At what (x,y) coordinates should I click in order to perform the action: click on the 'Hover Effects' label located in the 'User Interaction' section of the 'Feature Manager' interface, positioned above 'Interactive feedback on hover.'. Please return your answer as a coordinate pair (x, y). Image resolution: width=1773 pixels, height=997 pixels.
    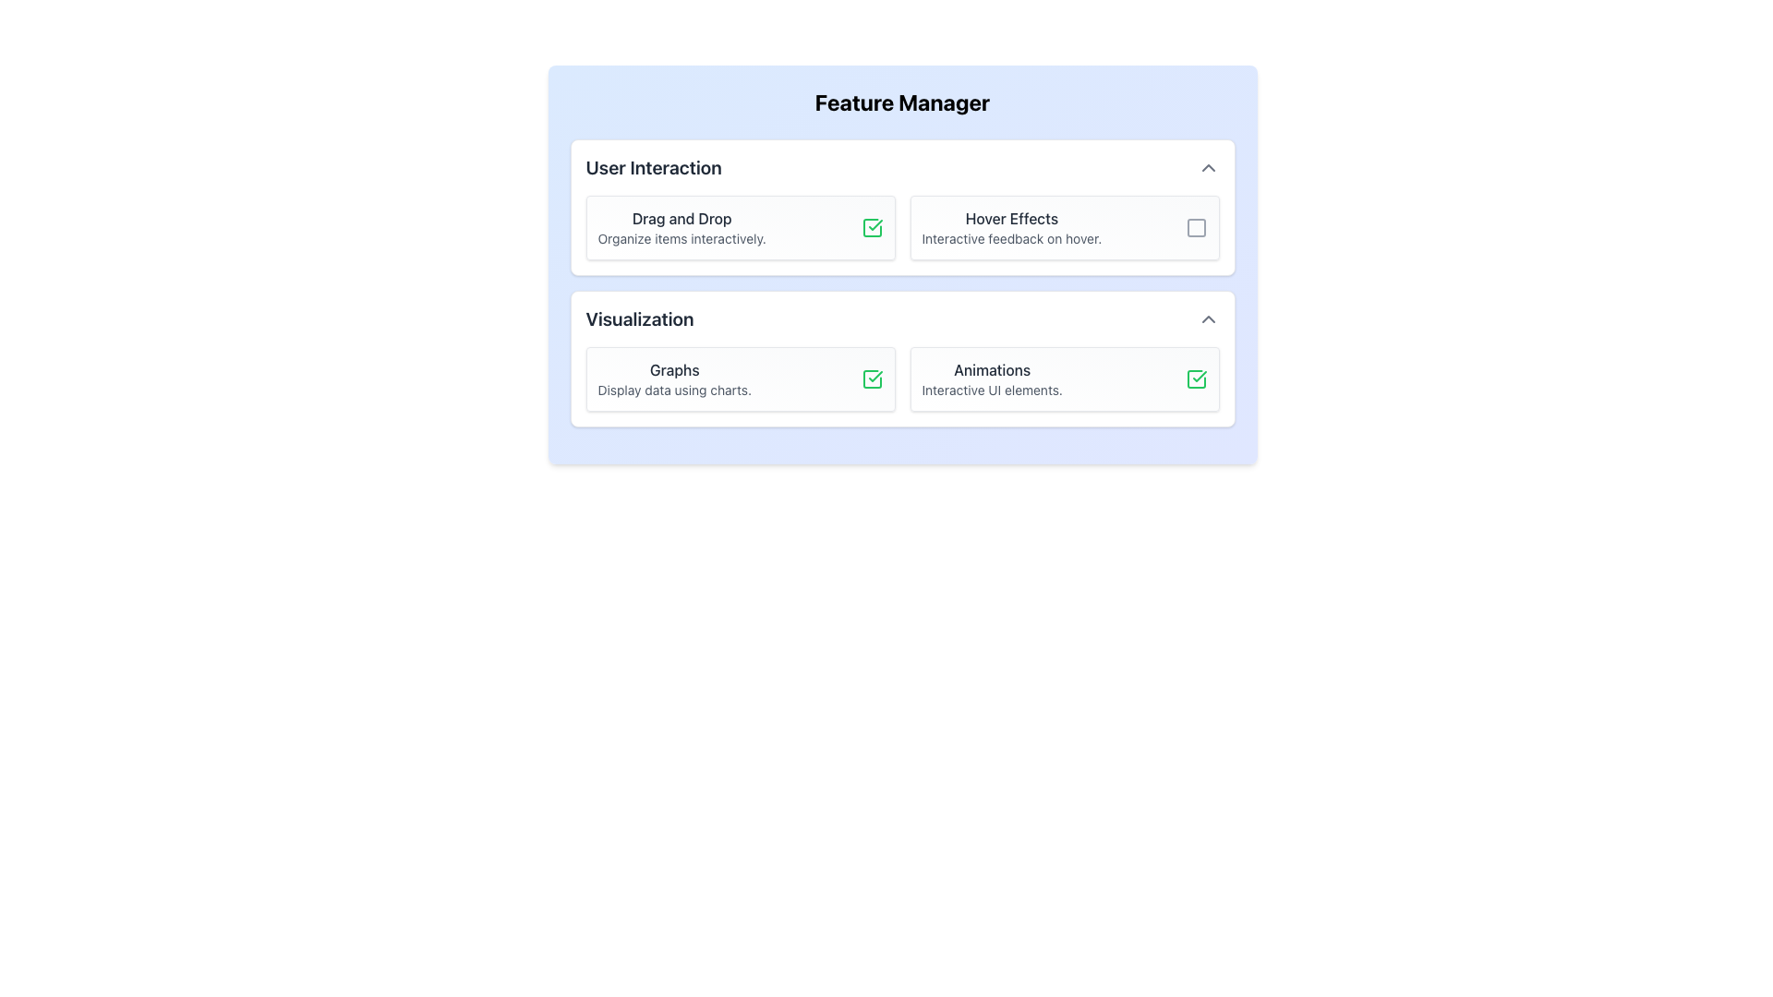
    Looking at the image, I should click on (1010, 217).